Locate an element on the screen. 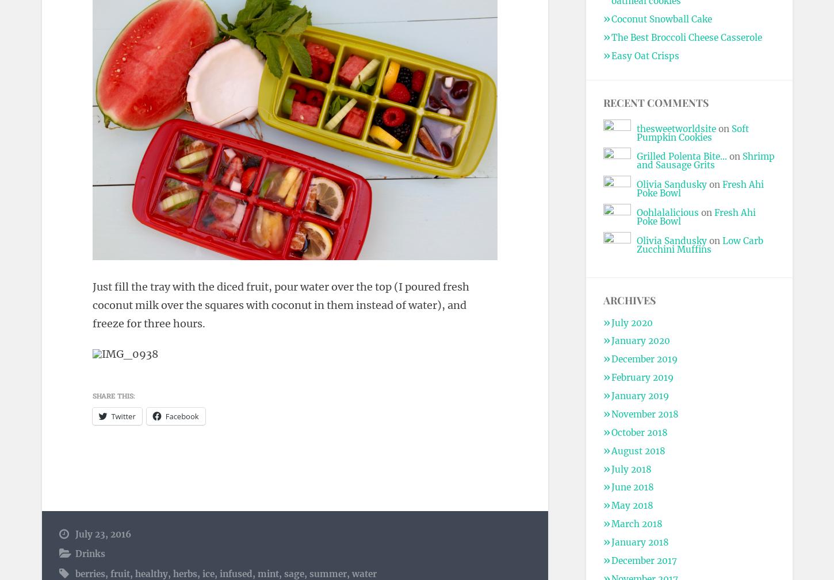 The image size is (834, 580). 'Twitter' is located at coordinates (110, 415).